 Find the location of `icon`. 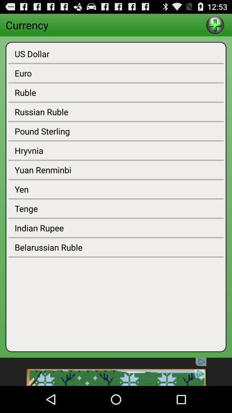

icon is located at coordinates (214, 24).